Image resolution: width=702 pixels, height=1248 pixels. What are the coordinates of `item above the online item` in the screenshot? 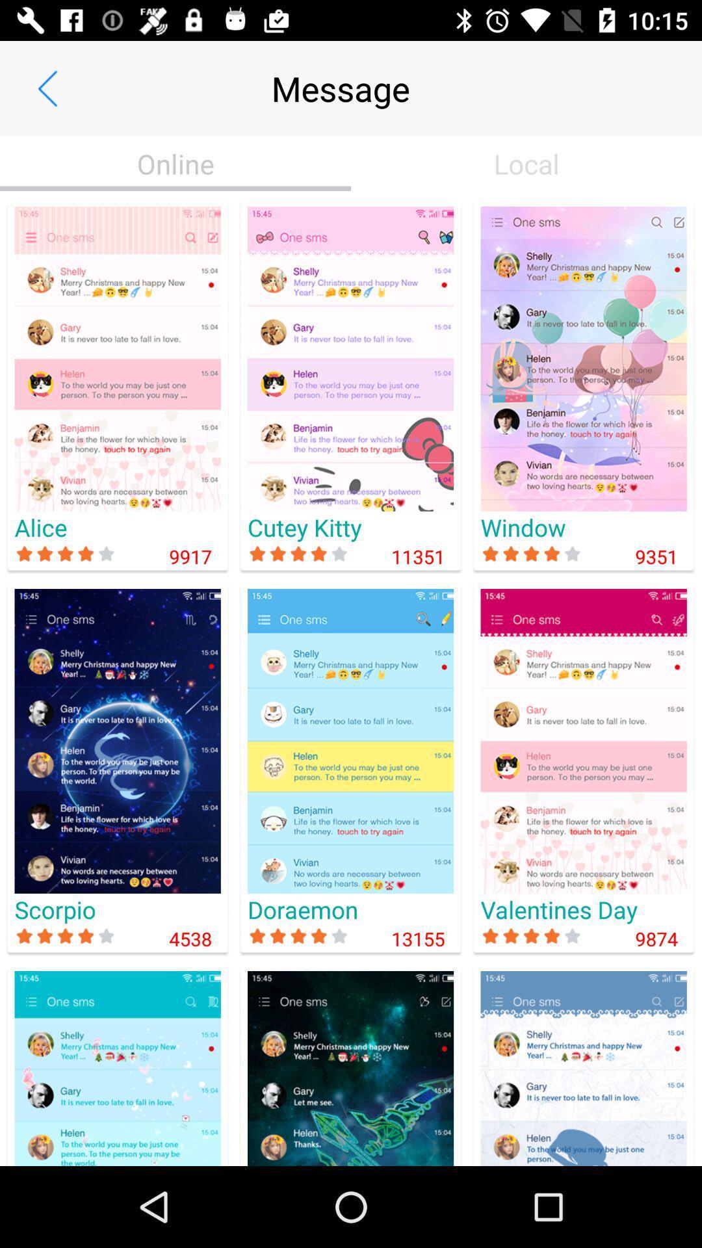 It's located at (47, 88).